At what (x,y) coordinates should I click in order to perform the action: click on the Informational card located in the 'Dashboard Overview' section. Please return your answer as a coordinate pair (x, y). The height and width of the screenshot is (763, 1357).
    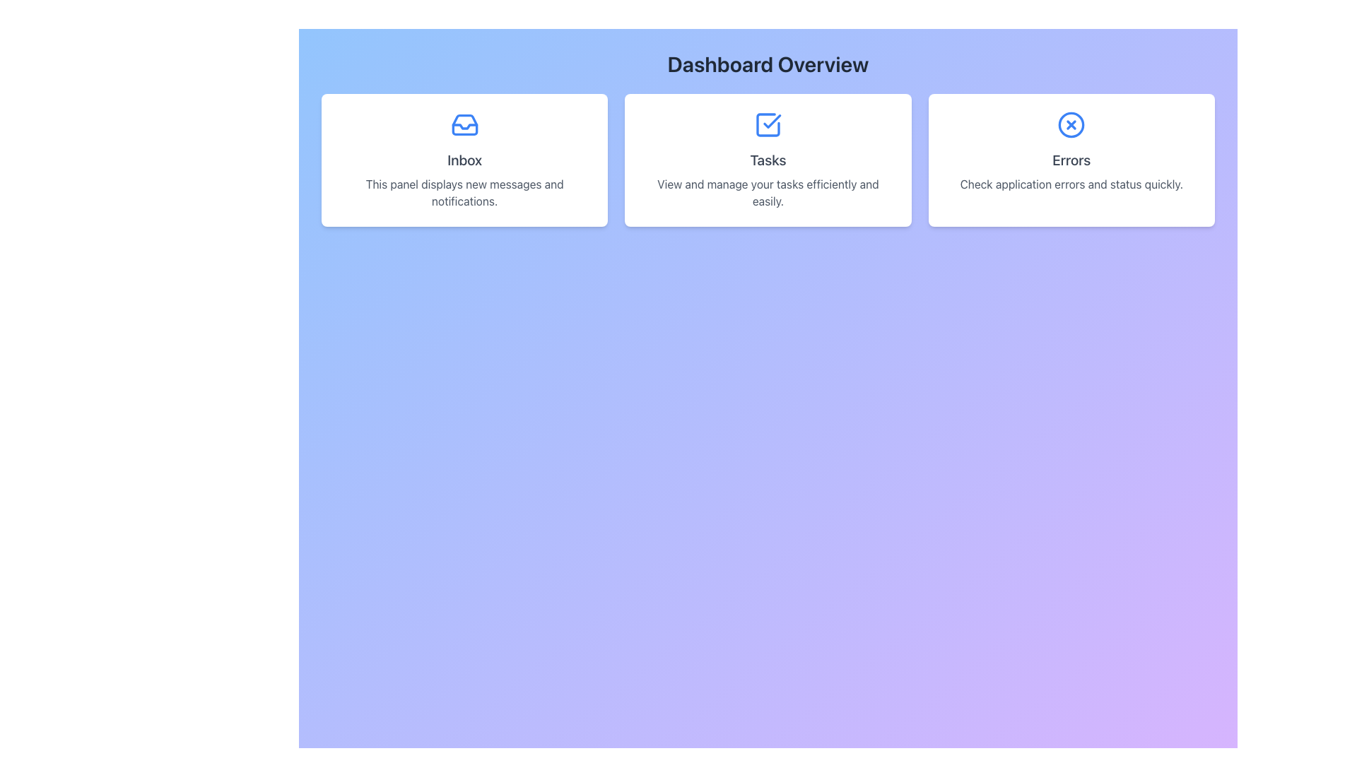
    Looking at the image, I should click on (1071, 160).